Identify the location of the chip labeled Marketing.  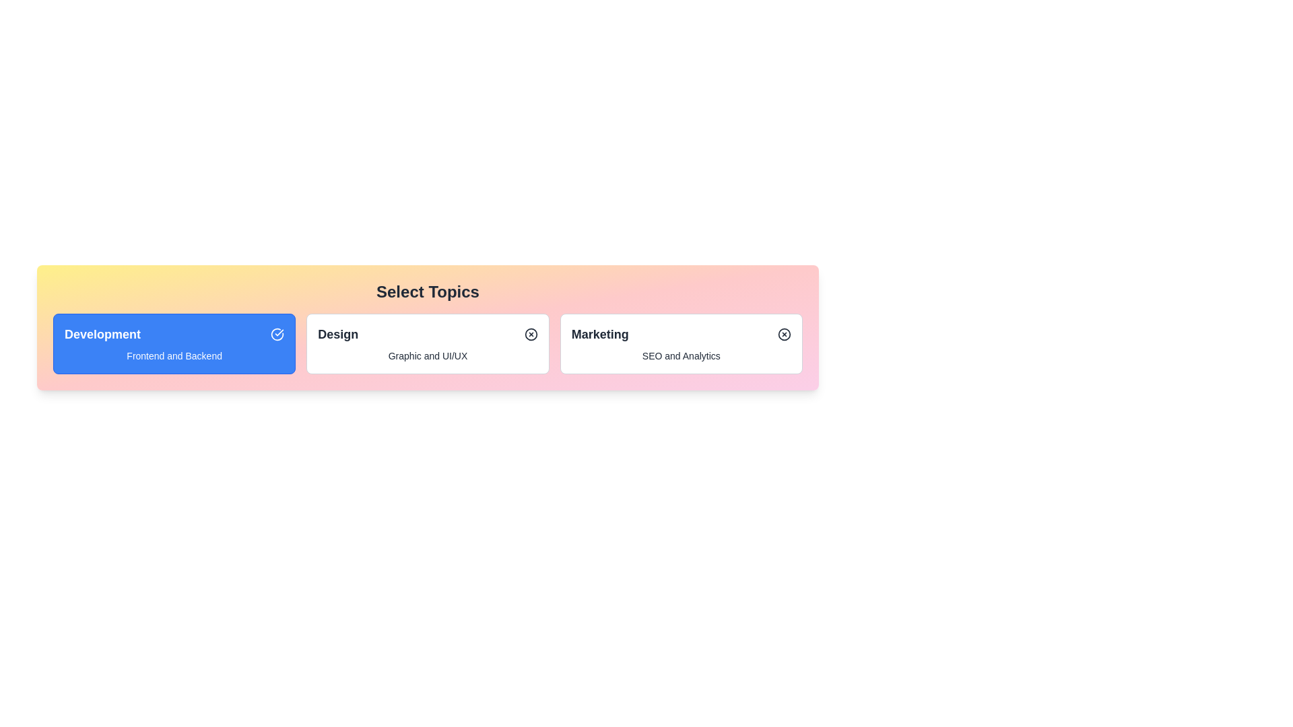
(682, 343).